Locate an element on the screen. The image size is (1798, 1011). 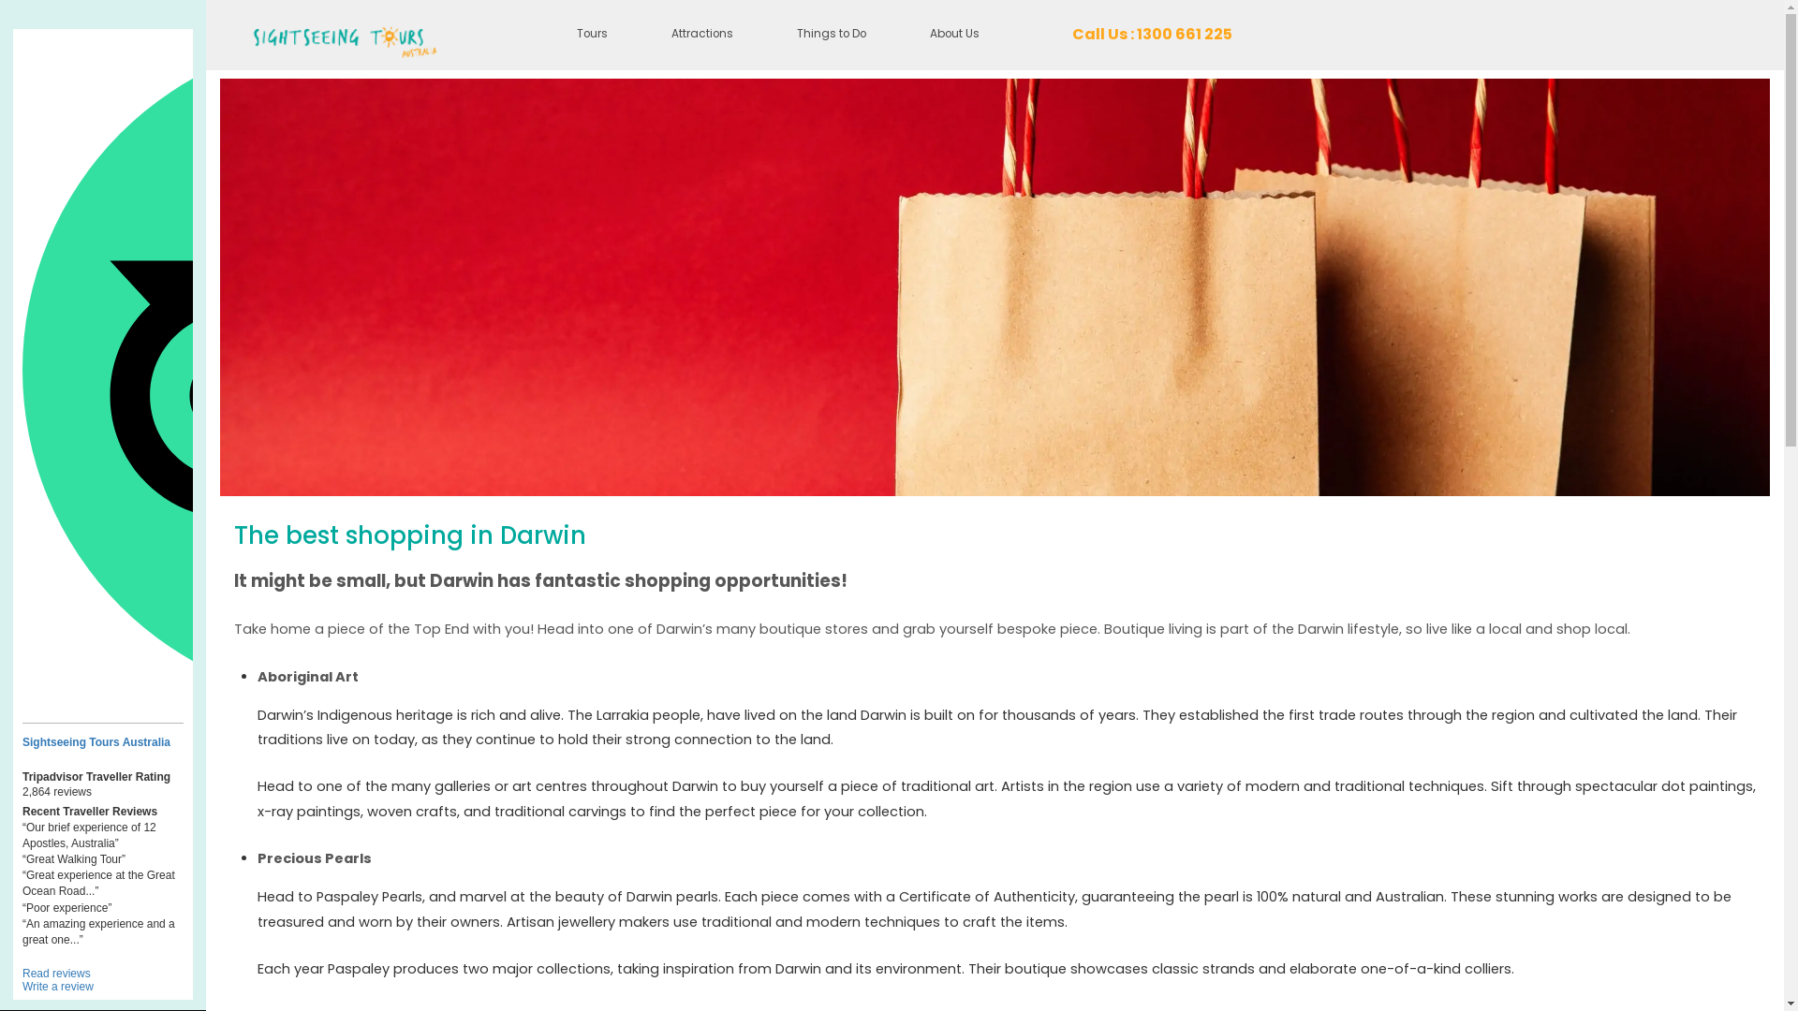
'About Us' is located at coordinates (954, 35).